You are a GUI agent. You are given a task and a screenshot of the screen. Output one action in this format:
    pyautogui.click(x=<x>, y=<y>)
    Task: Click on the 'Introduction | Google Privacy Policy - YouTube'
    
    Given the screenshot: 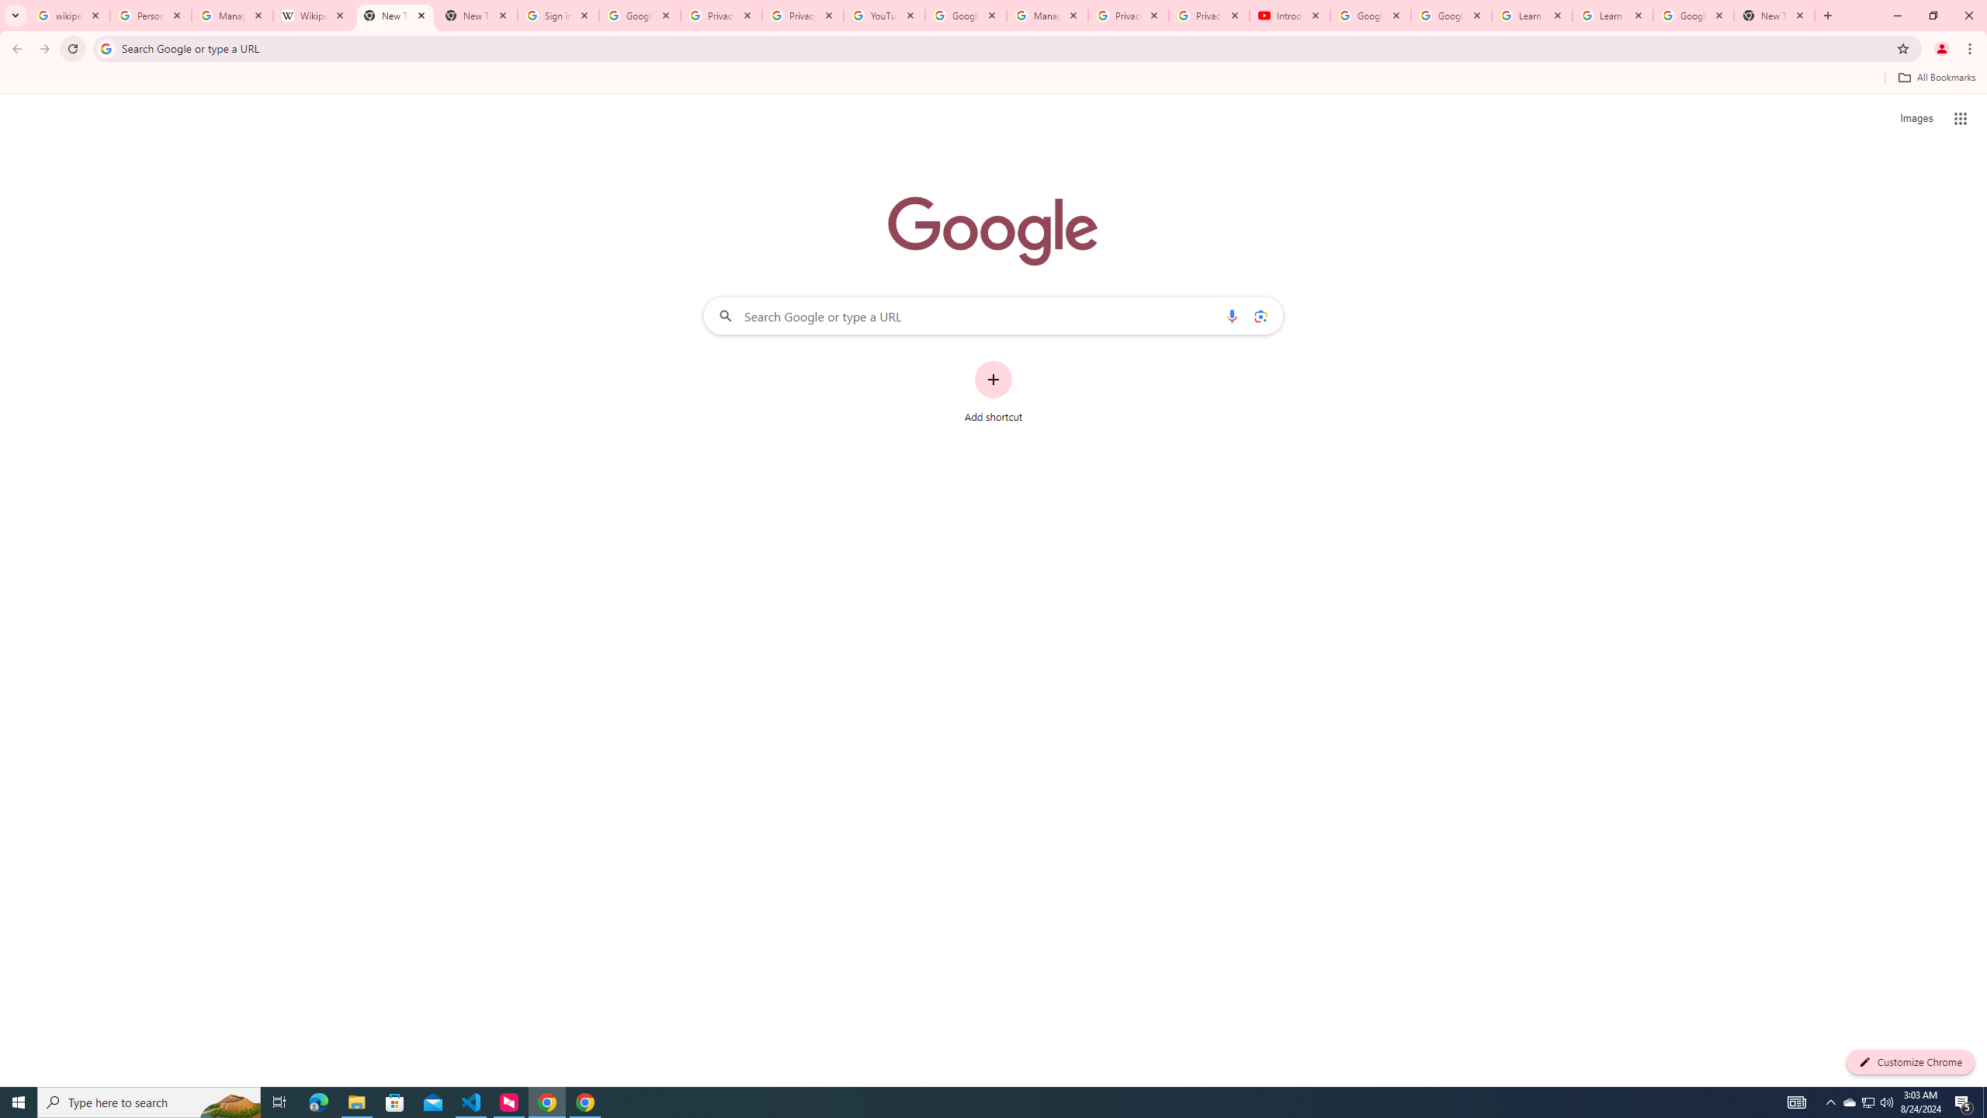 What is the action you would take?
    pyautogui.click(x=1288, y=15)
    